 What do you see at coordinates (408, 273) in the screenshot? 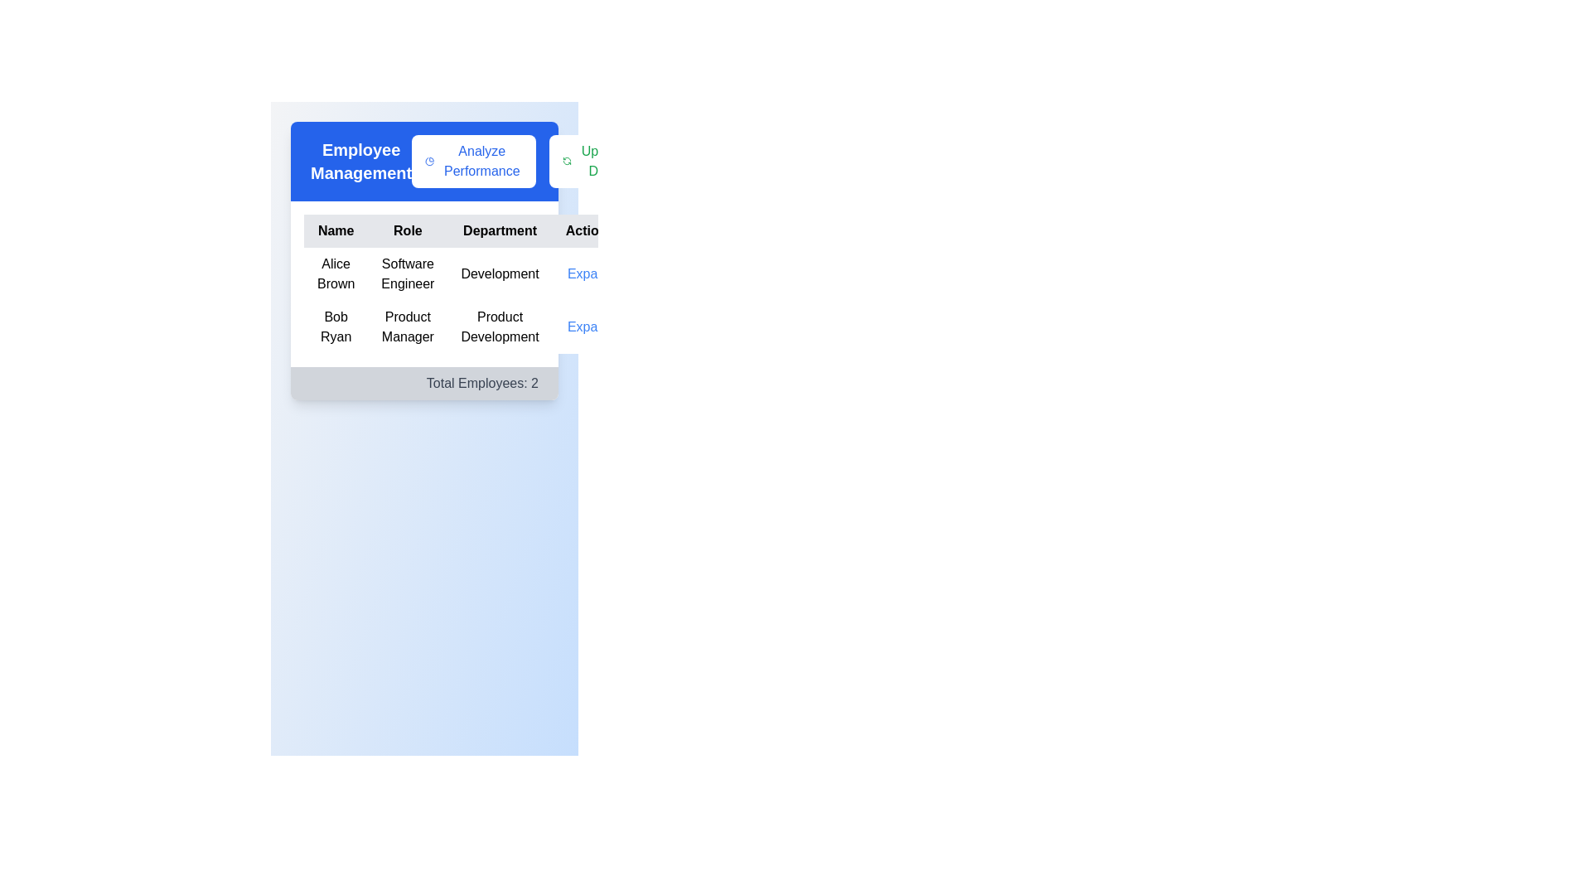
I see `the text display element labeled 'Software Engineer' located in the second column of the first row under the column header 'Role'` at bounding box center [408, 273].